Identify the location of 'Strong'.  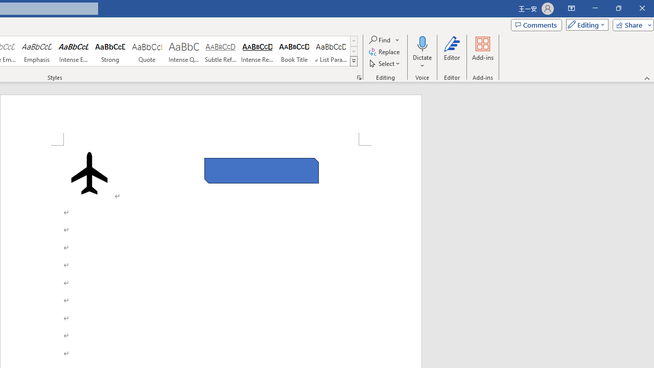
(110, 51).